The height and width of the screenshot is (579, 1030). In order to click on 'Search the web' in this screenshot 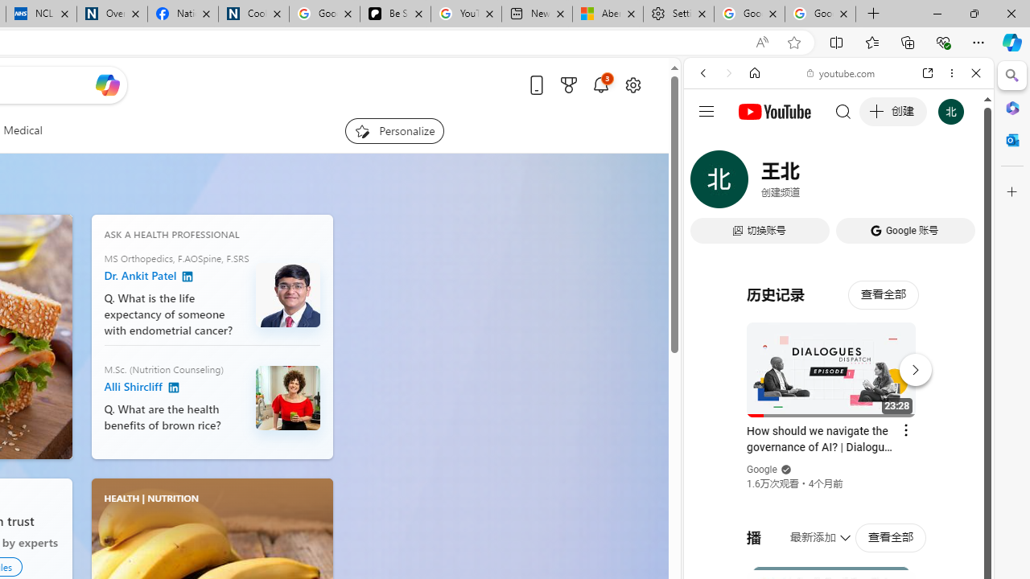, I will do `click(846, 110)`.